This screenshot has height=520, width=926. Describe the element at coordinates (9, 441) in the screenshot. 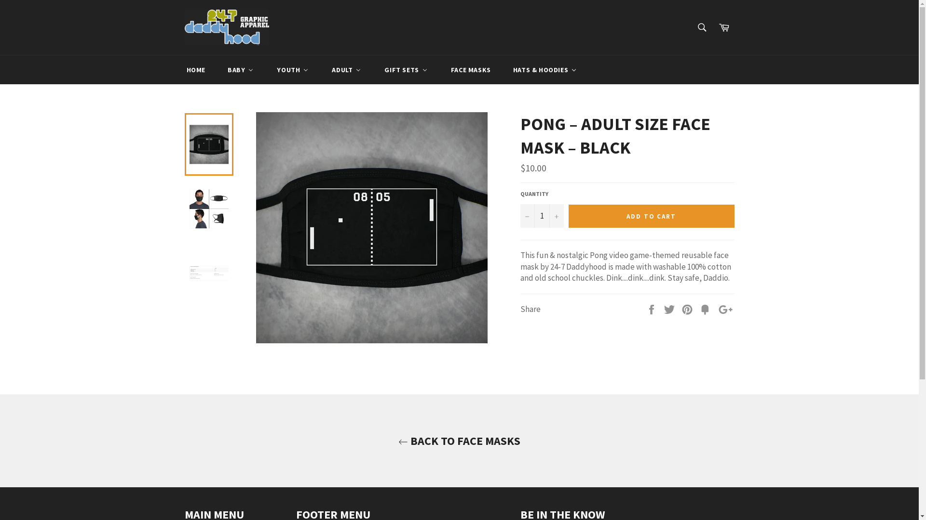

I see `'BACK TO FACE MASKS'` at that location.